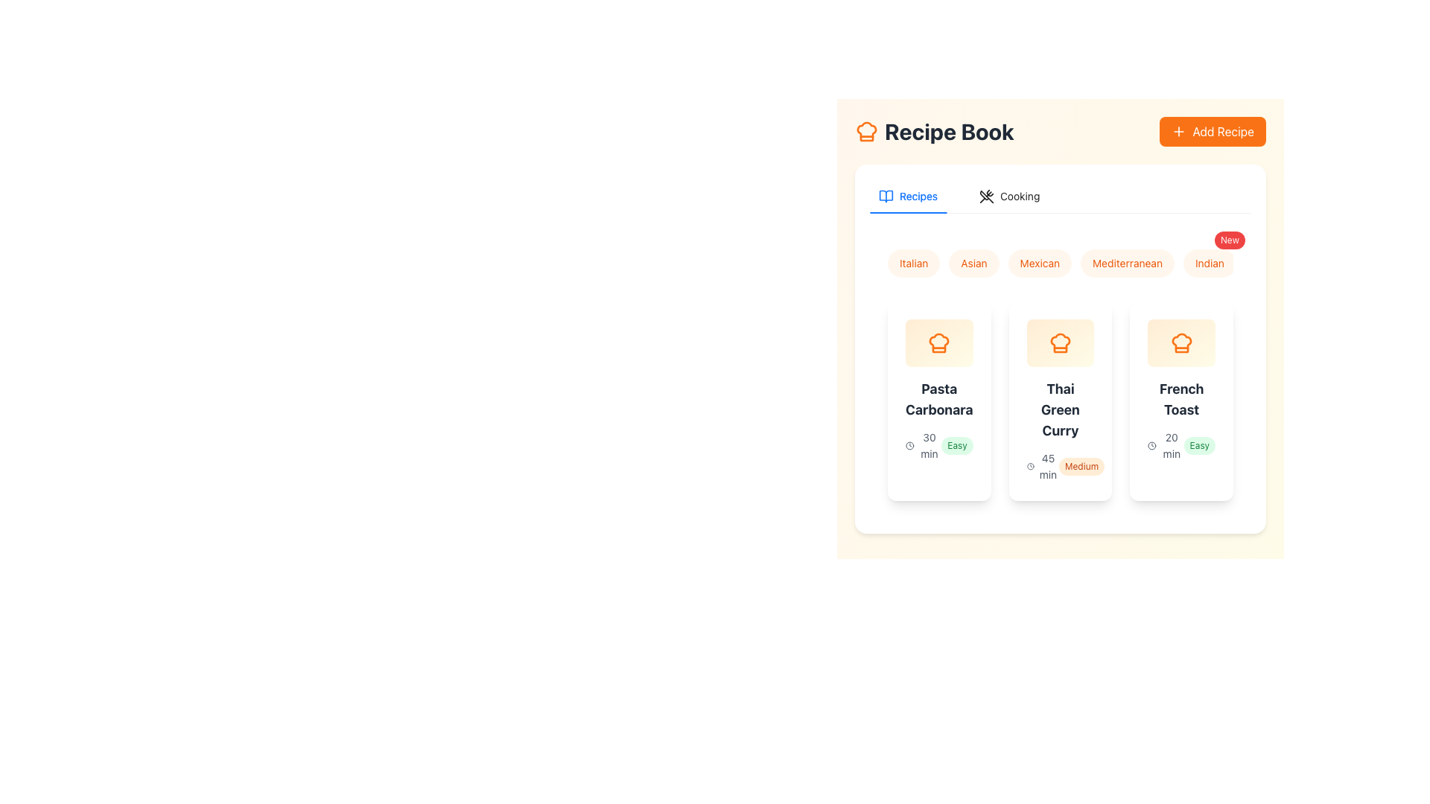 The image size is (1430, 804). Describe the element at coordinates (933, 131) in the screenshot. I see `the 'Recipe Book' header element, which is a prominently styled text component in bold black font, located near the top-left corner of the interface, adjacent to a chef hat icon` at that location.